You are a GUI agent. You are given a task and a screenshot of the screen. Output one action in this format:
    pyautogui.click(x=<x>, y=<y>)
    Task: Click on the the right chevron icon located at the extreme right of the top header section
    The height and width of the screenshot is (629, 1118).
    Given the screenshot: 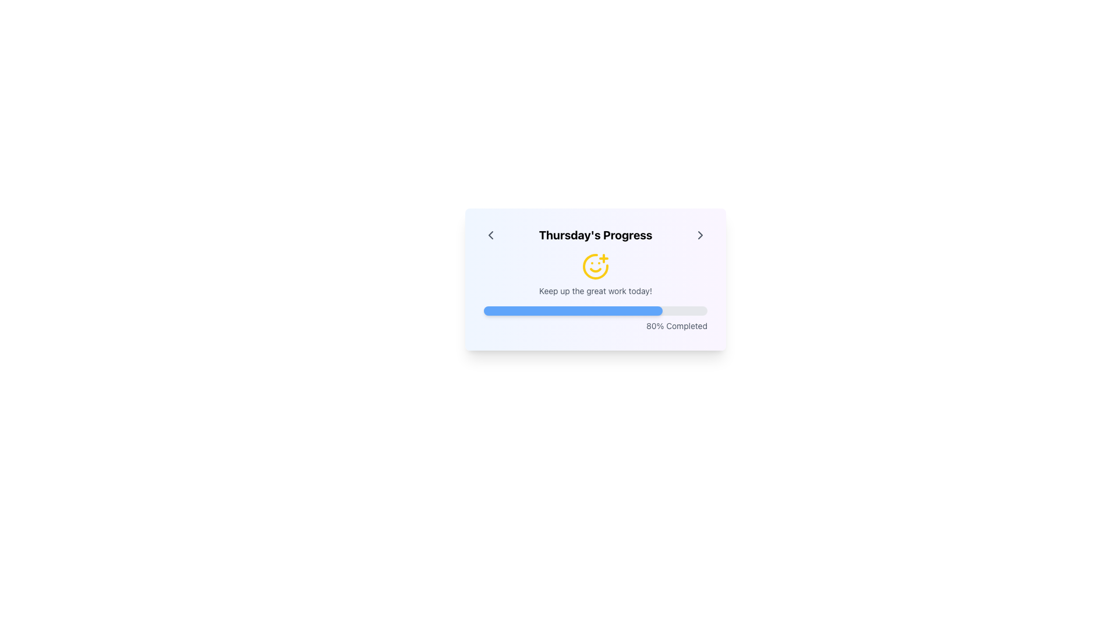 What is the action you would take?
    pyautogui.click(x=700, y=235)
    